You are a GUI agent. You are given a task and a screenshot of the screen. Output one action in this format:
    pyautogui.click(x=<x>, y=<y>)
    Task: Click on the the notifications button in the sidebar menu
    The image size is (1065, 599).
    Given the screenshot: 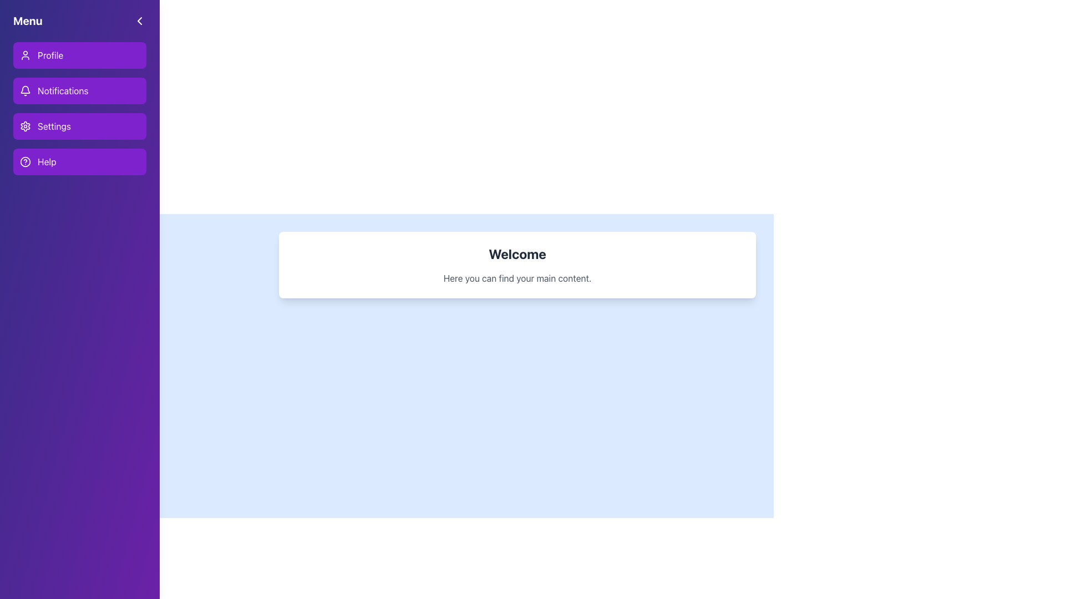 What is the action you would take?
    pyautogui.click(x=79, y=90)
    